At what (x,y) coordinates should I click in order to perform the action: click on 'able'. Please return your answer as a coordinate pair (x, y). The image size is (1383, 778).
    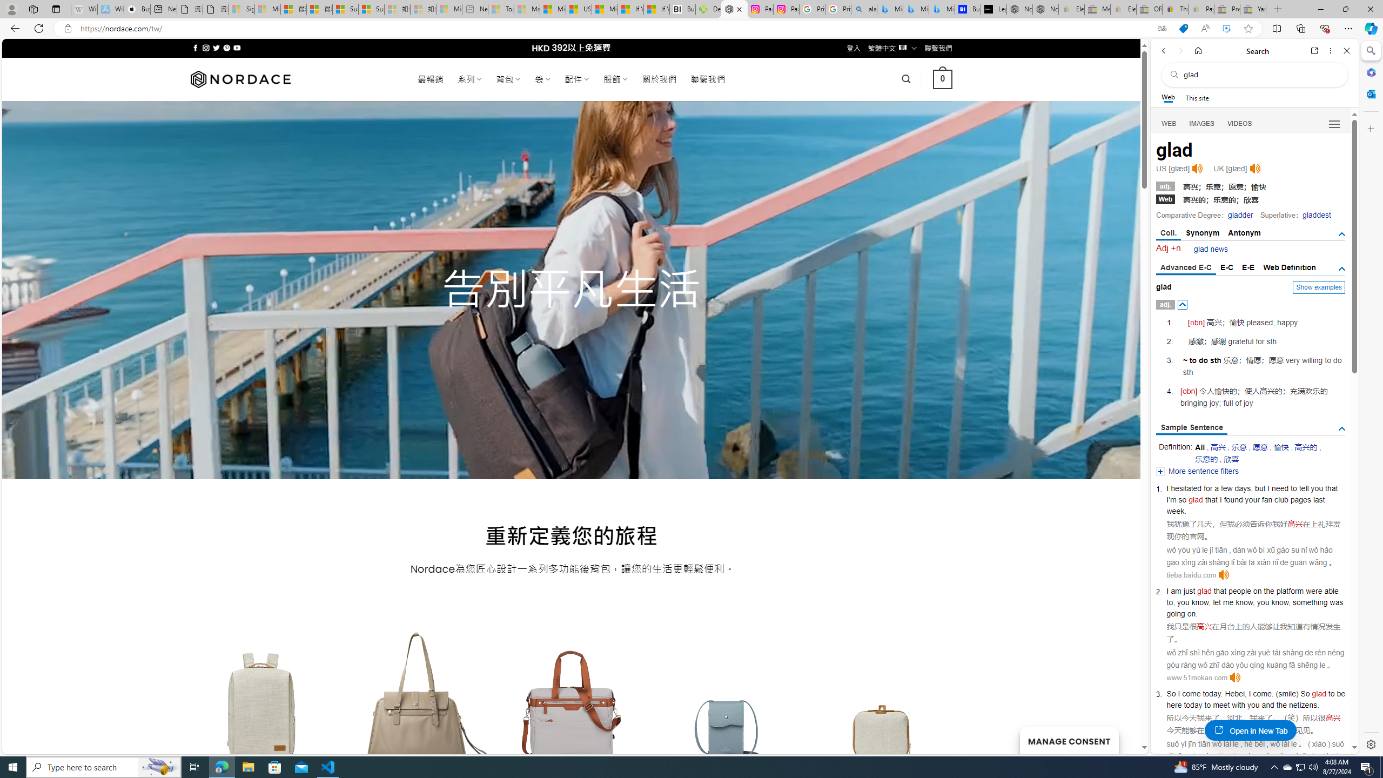
    Looking at the image, I should click on (1331, 590).